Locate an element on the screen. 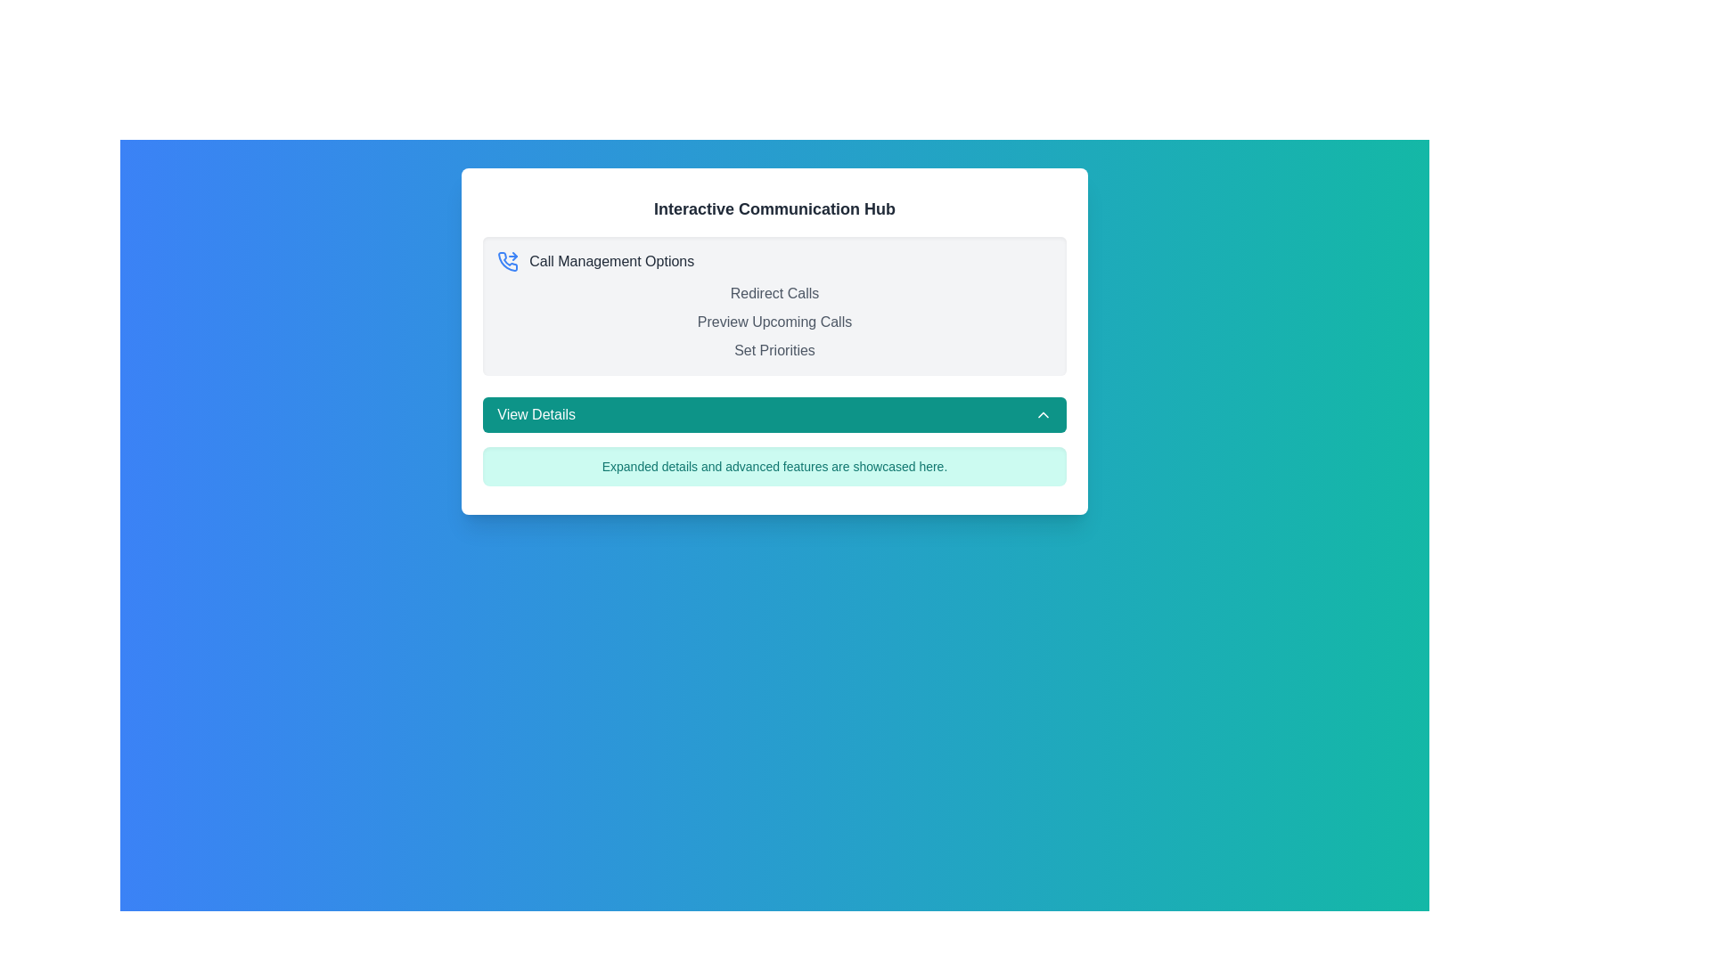 Image resolution: width=1711 pixels, height=962 pixels. the blue phone icon with an arrow pointing to the right, located on the top-left side of the 'Call Management Options' section, before the text label is located at coordinates (507, 262).